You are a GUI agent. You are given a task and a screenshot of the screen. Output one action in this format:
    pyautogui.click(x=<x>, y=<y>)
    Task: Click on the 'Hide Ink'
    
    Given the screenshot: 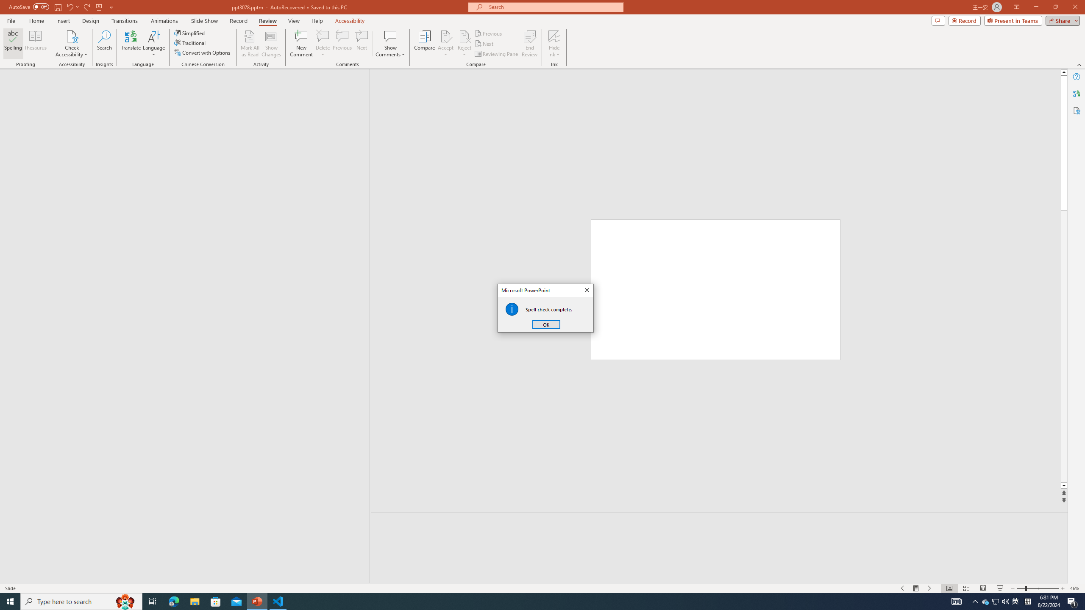 What is the action you would take?
    pyautogui.click(x=554, y=44)
    